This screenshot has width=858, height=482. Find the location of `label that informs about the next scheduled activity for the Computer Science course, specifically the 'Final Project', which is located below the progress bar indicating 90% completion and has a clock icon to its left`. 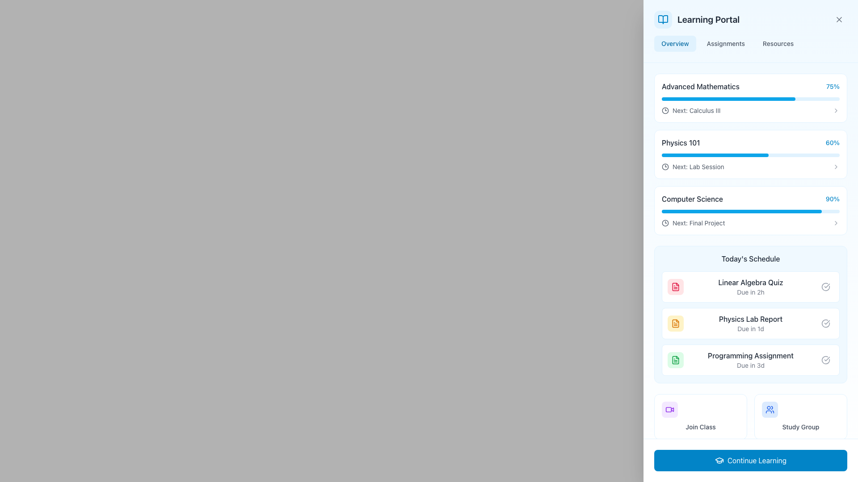

label that informs about the next scheduled activity for the Computer Science course, specifically the 'Final Project', which is located below the progress bar indicating 90% completion and has a clock icon to its left is located at coordinates (693, 223).